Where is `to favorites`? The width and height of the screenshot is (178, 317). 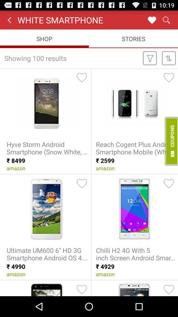
to favorites is located at coordinates (169, 77).